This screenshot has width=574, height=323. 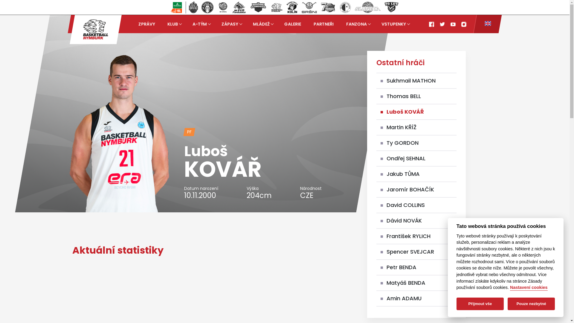 What do you see at coordinates (293, 24) in the screenshot?
I see `'GALERIE'` at bounding box center [293, 24].